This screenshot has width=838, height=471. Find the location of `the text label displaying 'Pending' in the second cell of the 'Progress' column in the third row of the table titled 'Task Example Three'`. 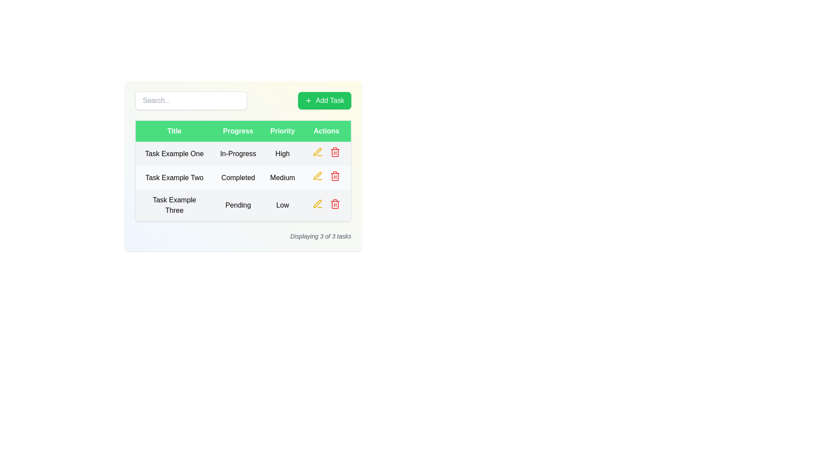

the text label displaying 'Pending' in the second cell of the 'Progress' column in the third row of the table titled 'Task Example Three' is located at coordinates (238, 205).